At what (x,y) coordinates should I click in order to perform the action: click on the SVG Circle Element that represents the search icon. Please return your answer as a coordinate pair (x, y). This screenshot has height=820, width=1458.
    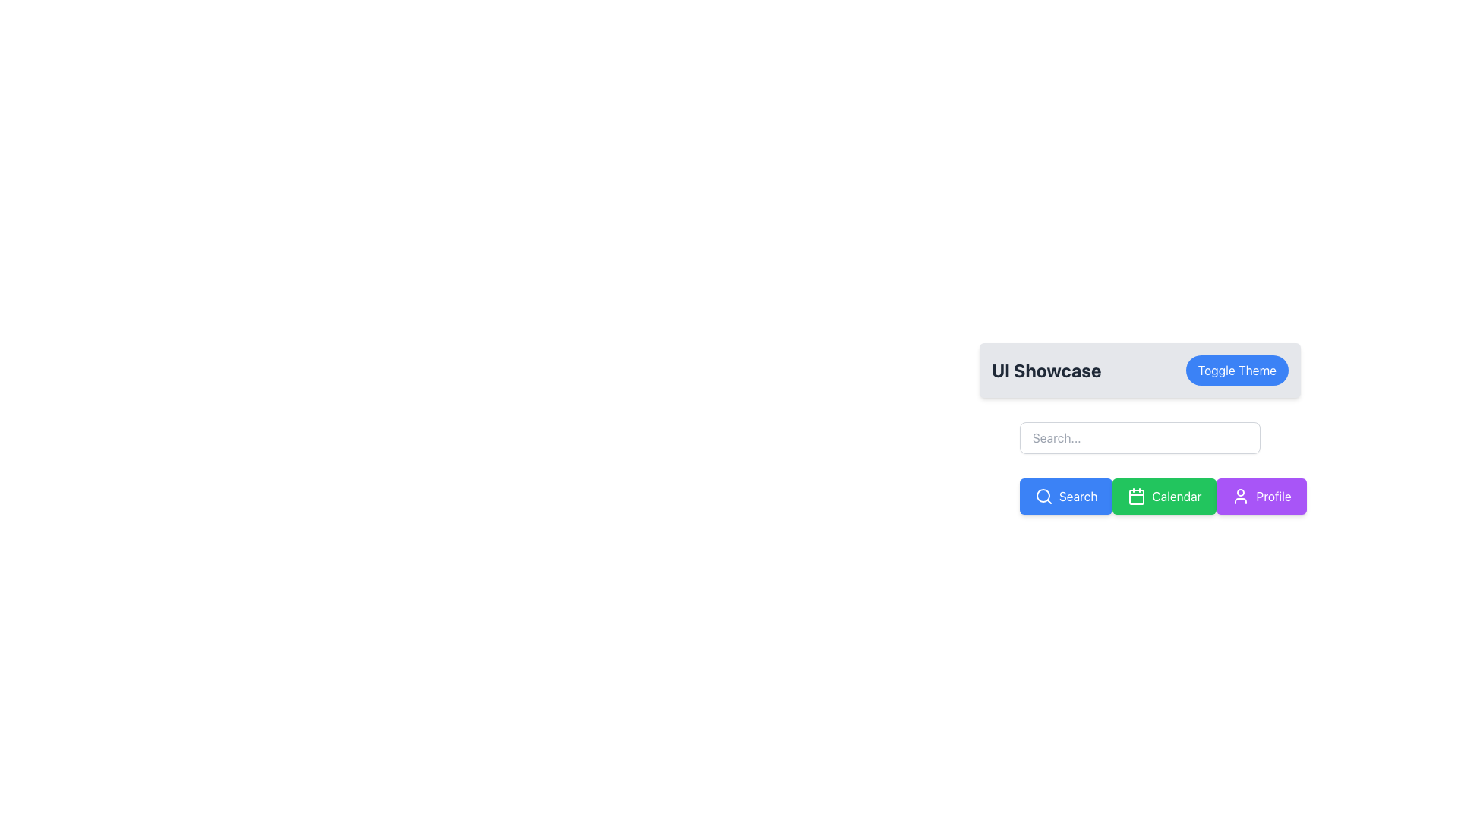
    Looking at the image, I should click on (1042, 495).